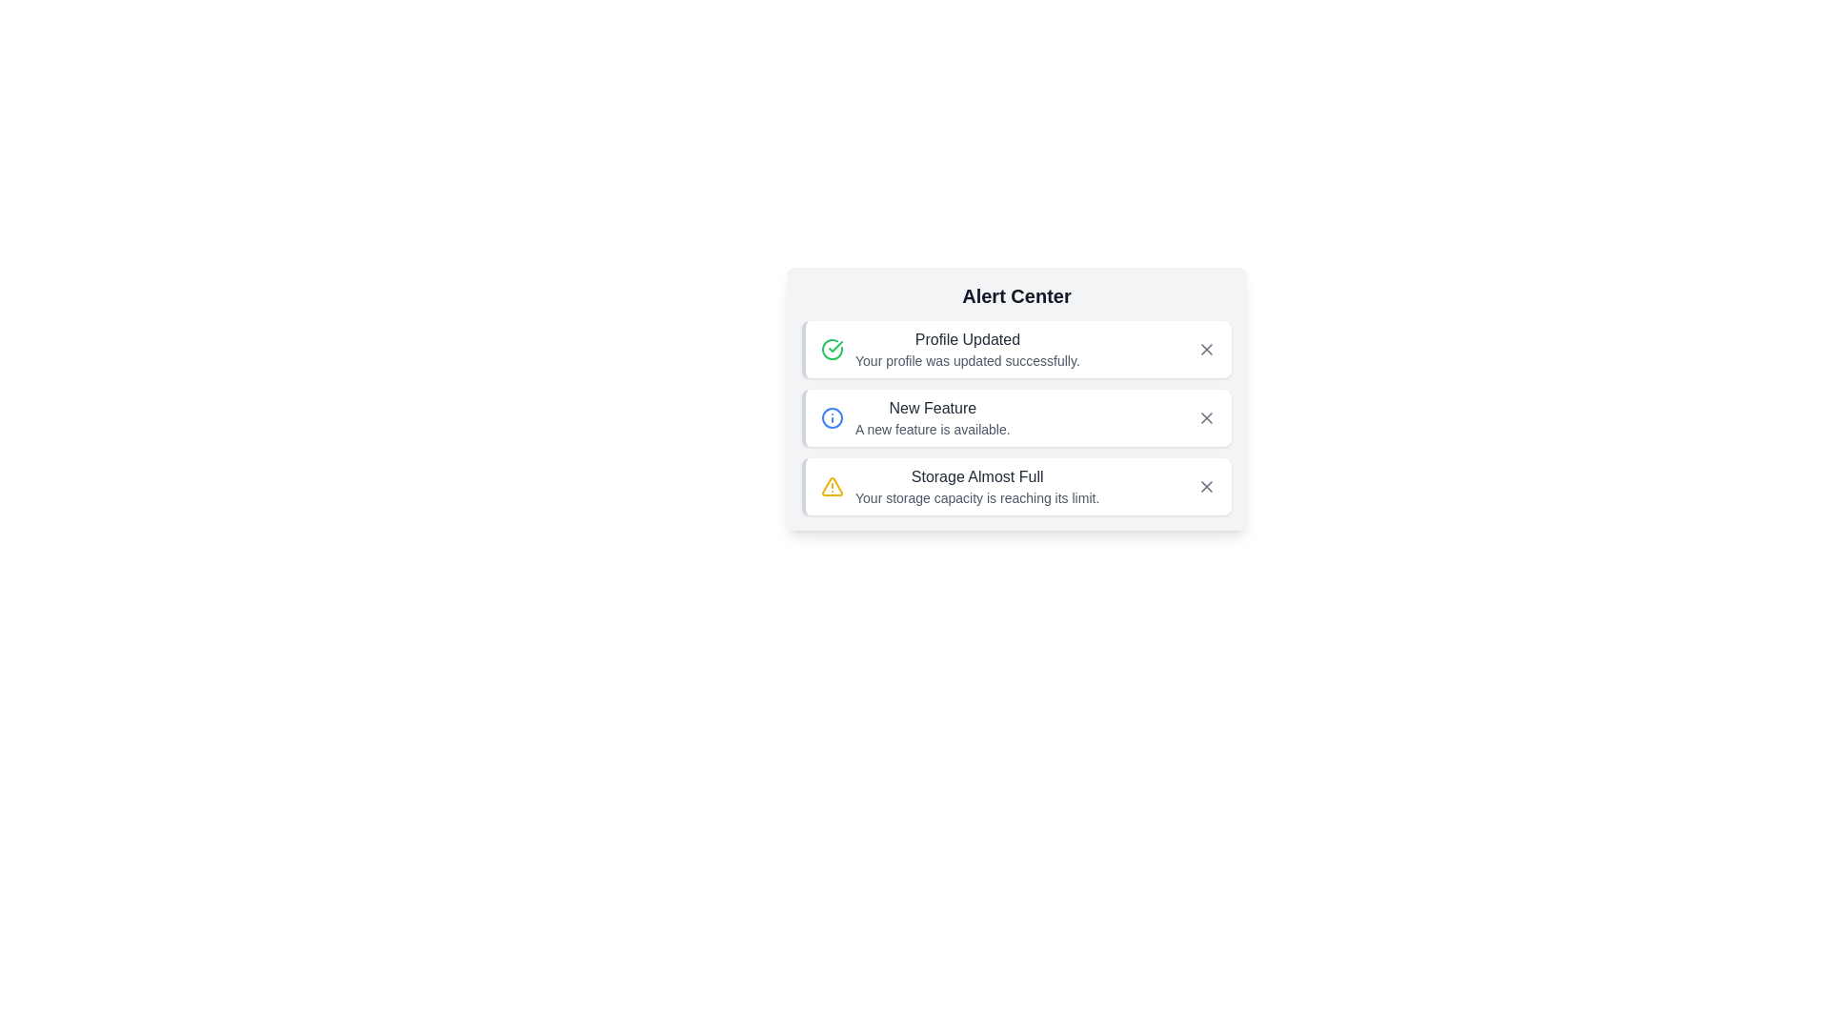 The height and width of the screenshot is (1029, 1829). I want to click on the small gray diagonal line forming part of the 'X' shape icon located to the right of the 'Profile Updated' notification text in the 'Alert Center' section, so click(1206, 349).